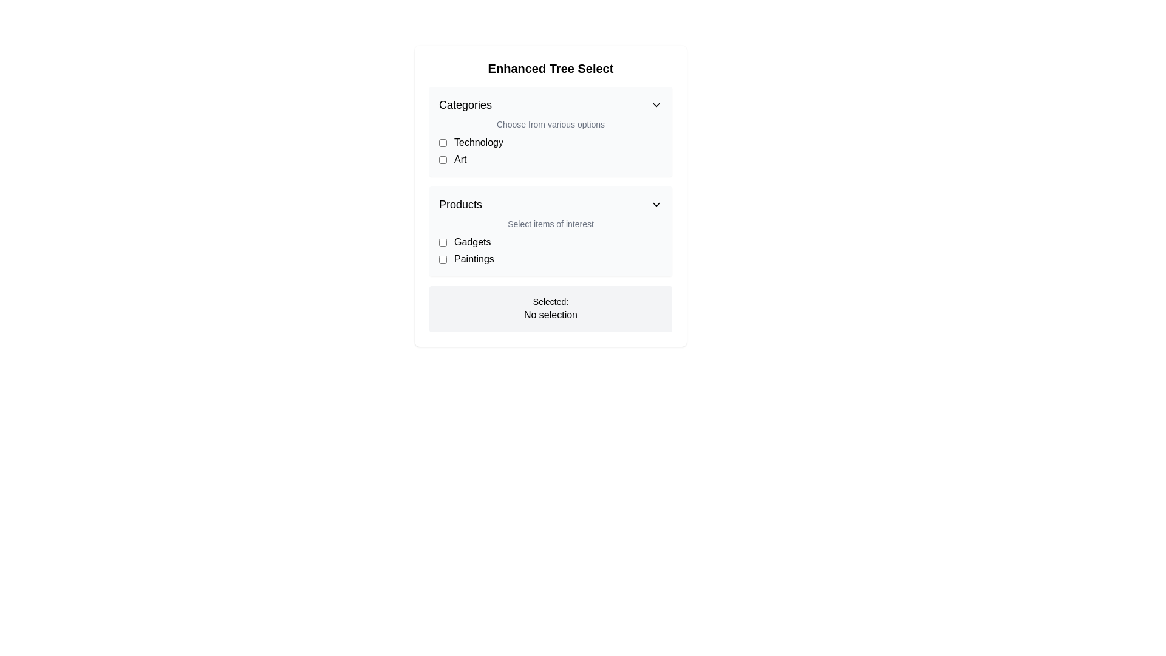 This screenshot has height=656, width=1166. I want to click on the checkbox for the 'Art' category located below the 'Technology' option, so click(442, 159).